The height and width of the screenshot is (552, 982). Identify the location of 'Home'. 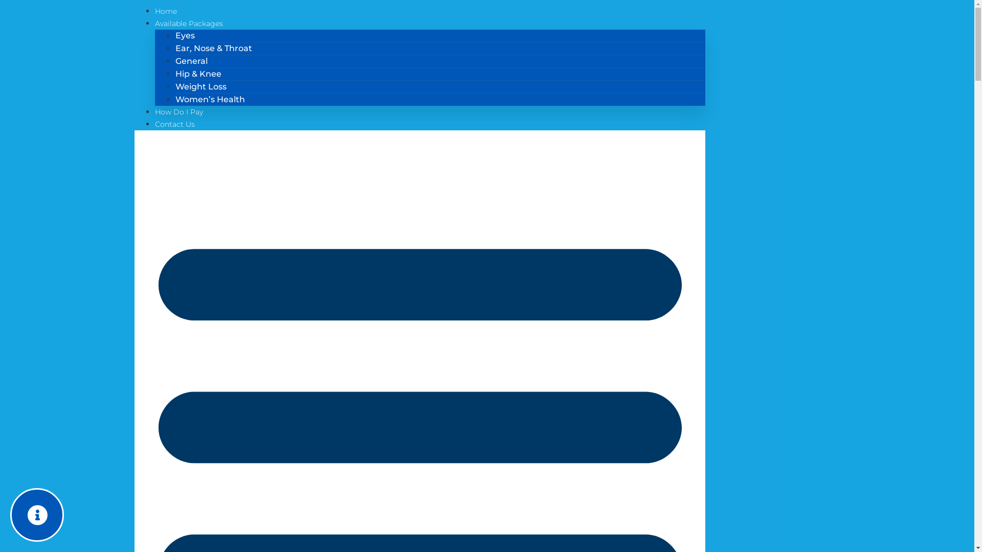
(154, 11).